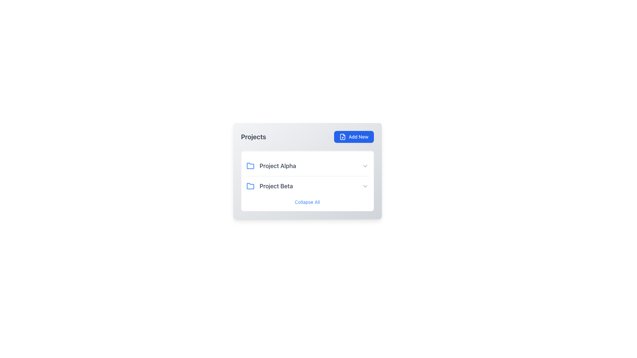  I want to click on the non-interactive Text Label indicating 'Projects', which serves as a section title for the content below, so click(253, 136).